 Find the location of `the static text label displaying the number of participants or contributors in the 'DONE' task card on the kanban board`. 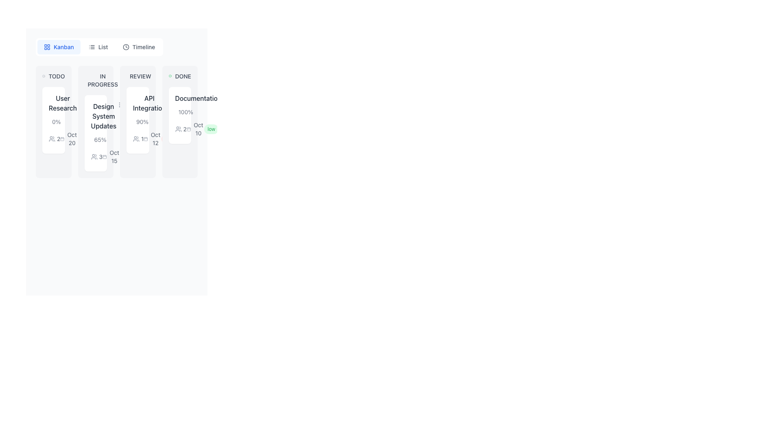

the static text label displaying the number of participants or contributors in the 'DONE' task card on the kanban board is located at coordinates (184, 128).